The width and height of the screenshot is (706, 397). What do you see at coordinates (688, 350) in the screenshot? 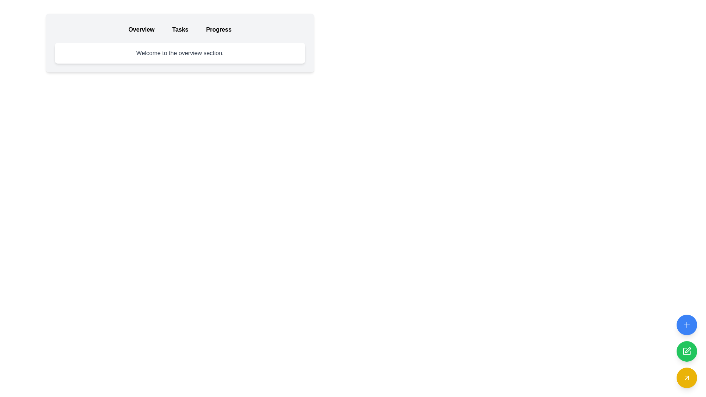
I see `the green circular icon button featuring a pen and square icon, which is the second button in a vertical group of three action buttons on the right side of the interface` at bounding box center [688, 350].